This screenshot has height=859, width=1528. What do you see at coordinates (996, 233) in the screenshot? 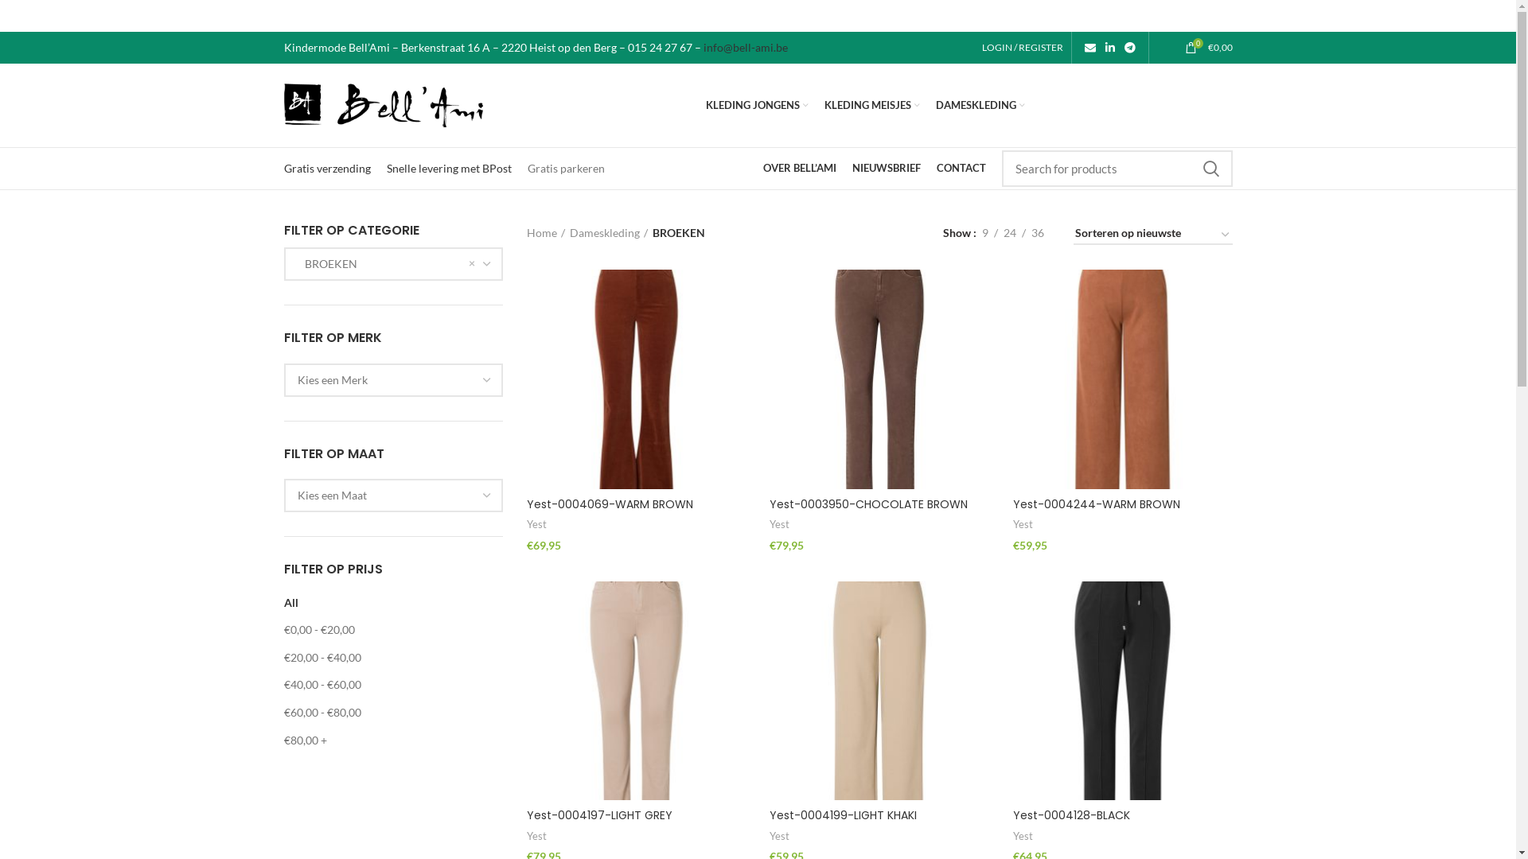
I see `'24'` at bounding box center [996, 233].